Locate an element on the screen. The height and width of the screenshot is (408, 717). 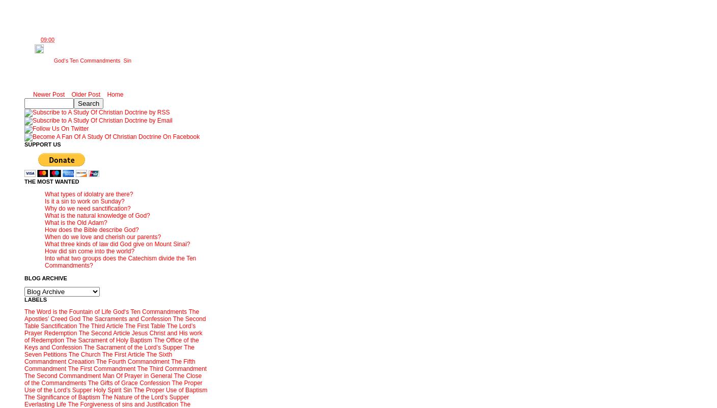
'God' is located at coordinates (74, 318).